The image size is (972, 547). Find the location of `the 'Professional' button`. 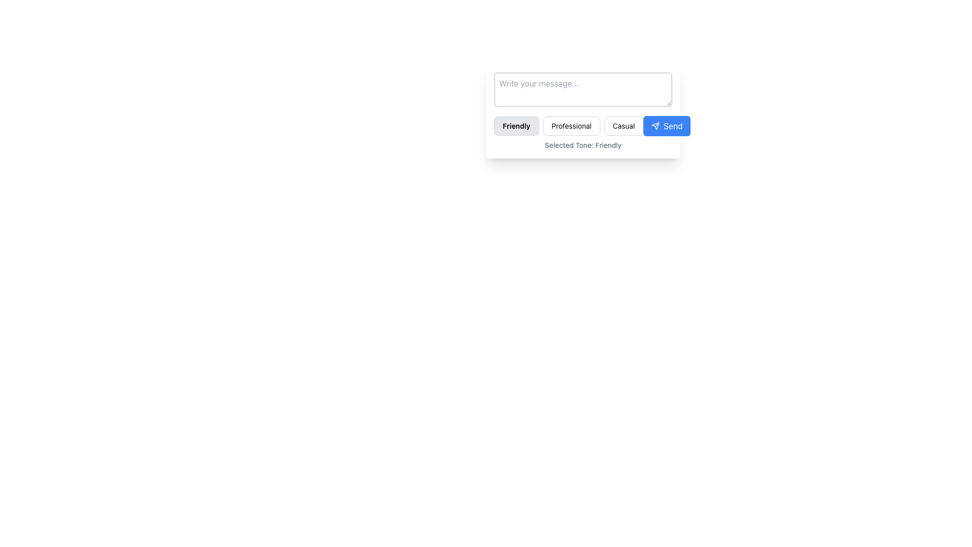

the 'Professional' button is located at coordinates (583, 126).